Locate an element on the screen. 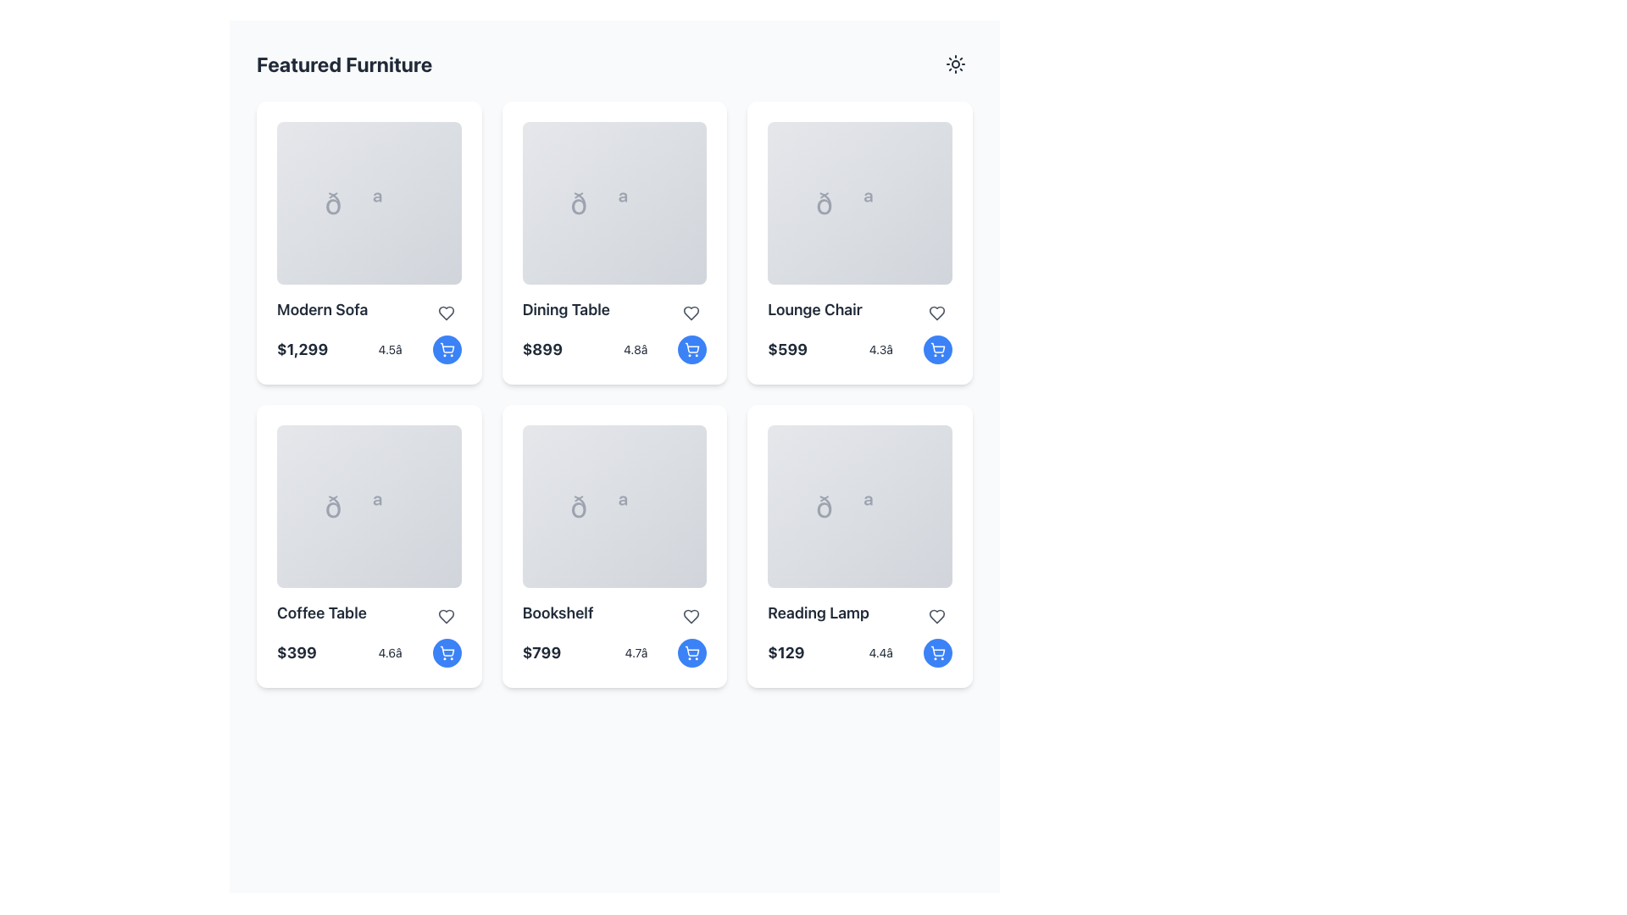 The height and width of the screenshot is (915, 1627). the circular button with a heart icon in the top-right corner of the 'Modern Sofa' card to mark the item as a favorite is located at coordinates (446, 313).